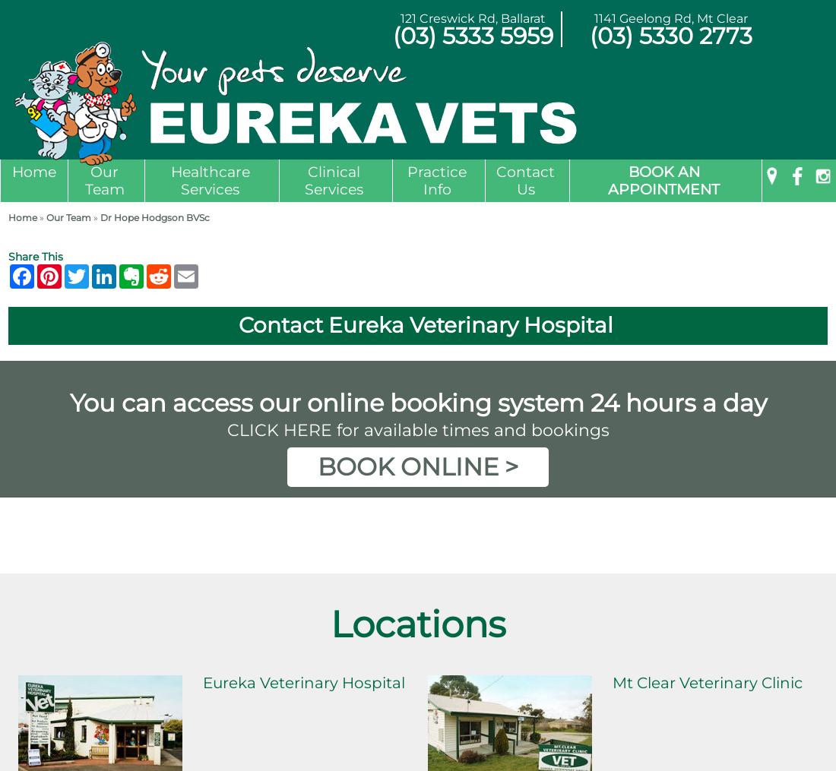 Image resolution: width=836 pixels, height=771 pixels. Describe the element at coordinates (417, 403) in the screenshot. I see `'You can access our online booking system 24 hours a day'` at that location.